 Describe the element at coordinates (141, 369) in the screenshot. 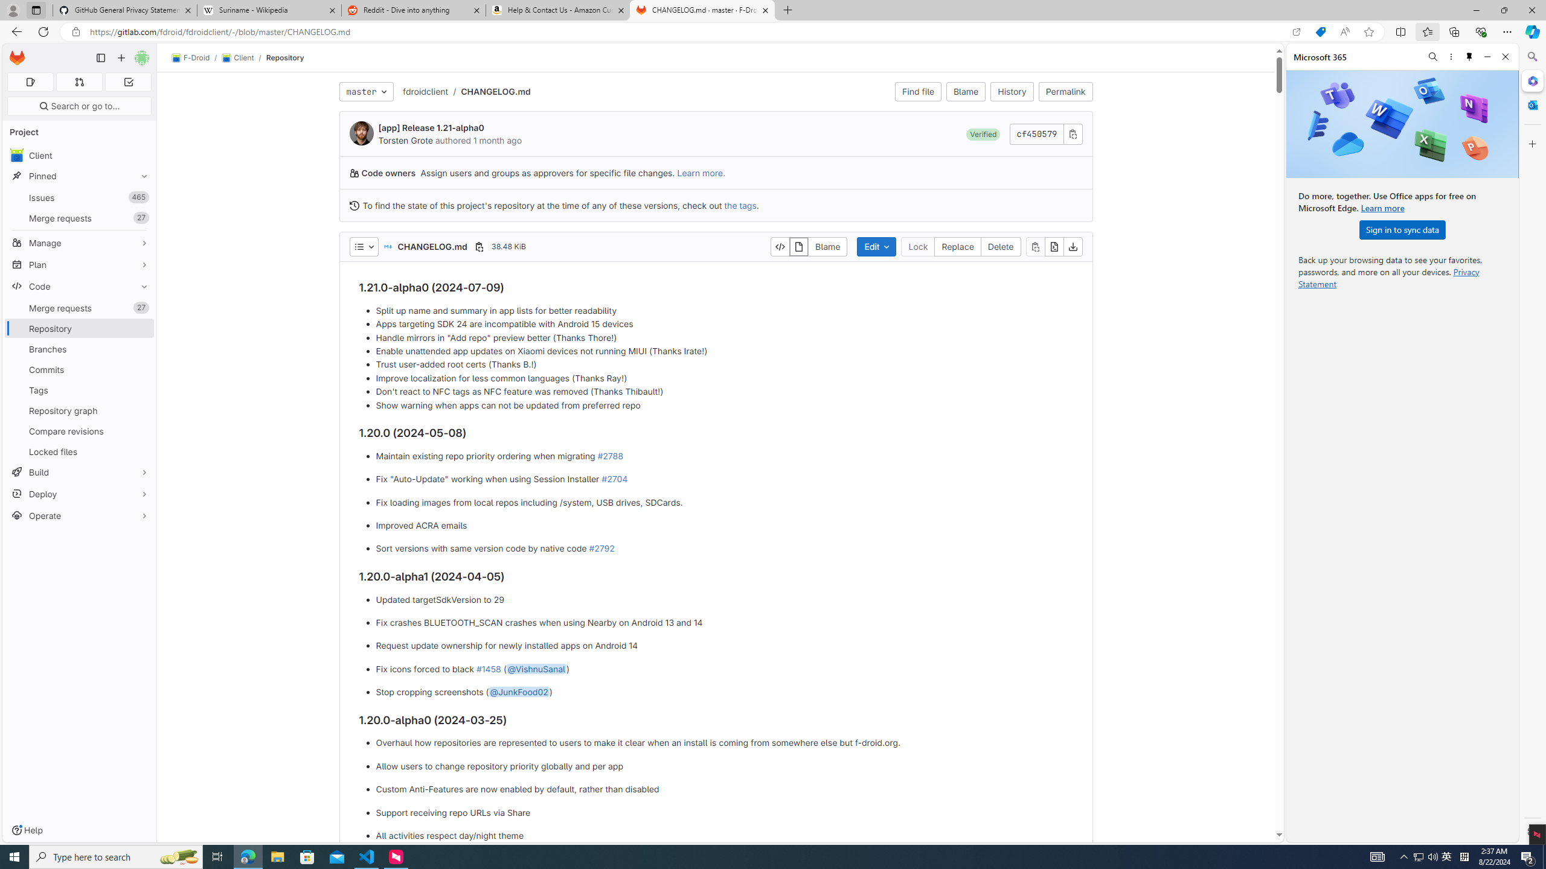

I see `'Pin Commits'` at that location.